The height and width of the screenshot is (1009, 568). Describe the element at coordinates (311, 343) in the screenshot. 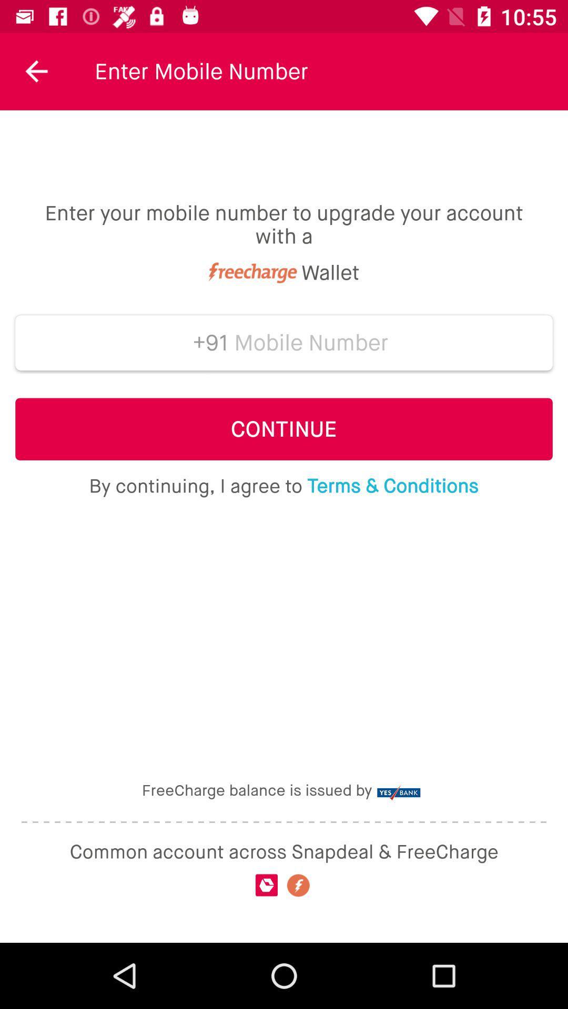

I see `your phone number` at that location.